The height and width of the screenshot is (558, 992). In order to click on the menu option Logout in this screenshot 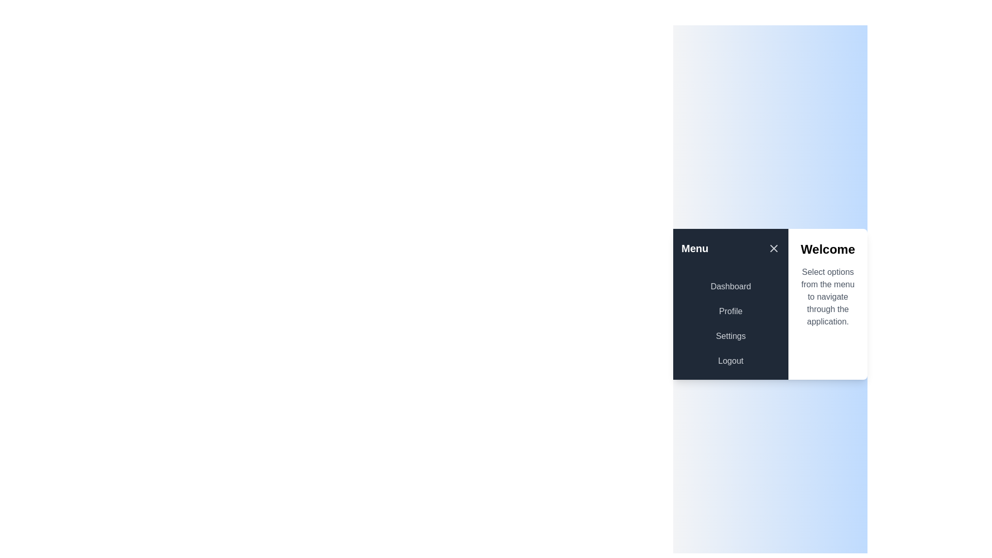, I will do `click(730, 360)`.